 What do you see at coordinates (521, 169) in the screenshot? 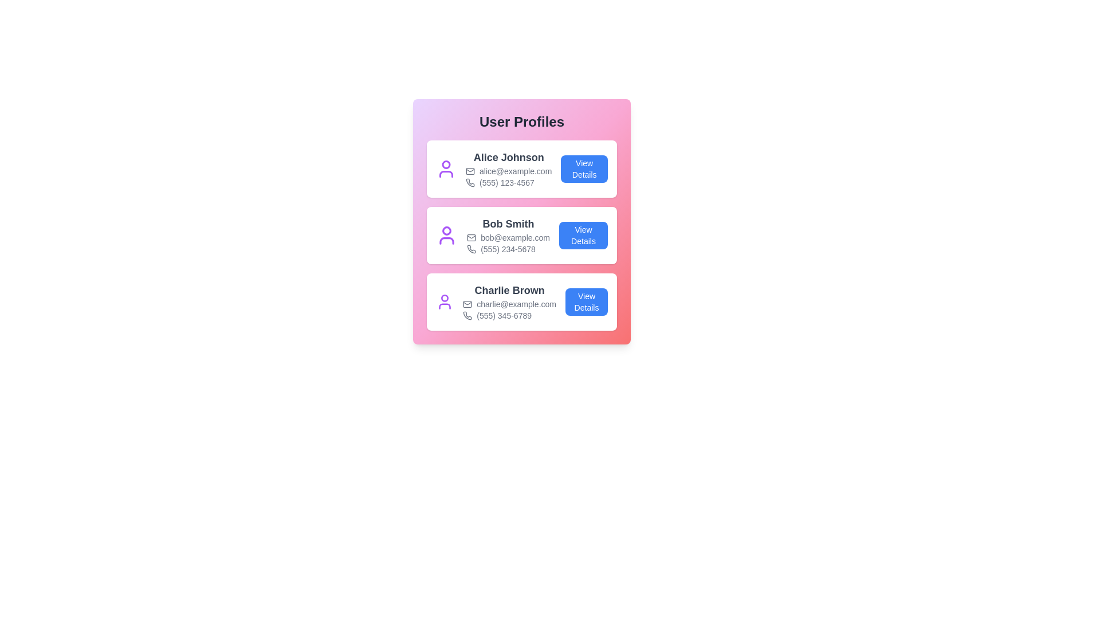
I see `the user profile card for Alice Johnson` at bounding box center [521, 169].